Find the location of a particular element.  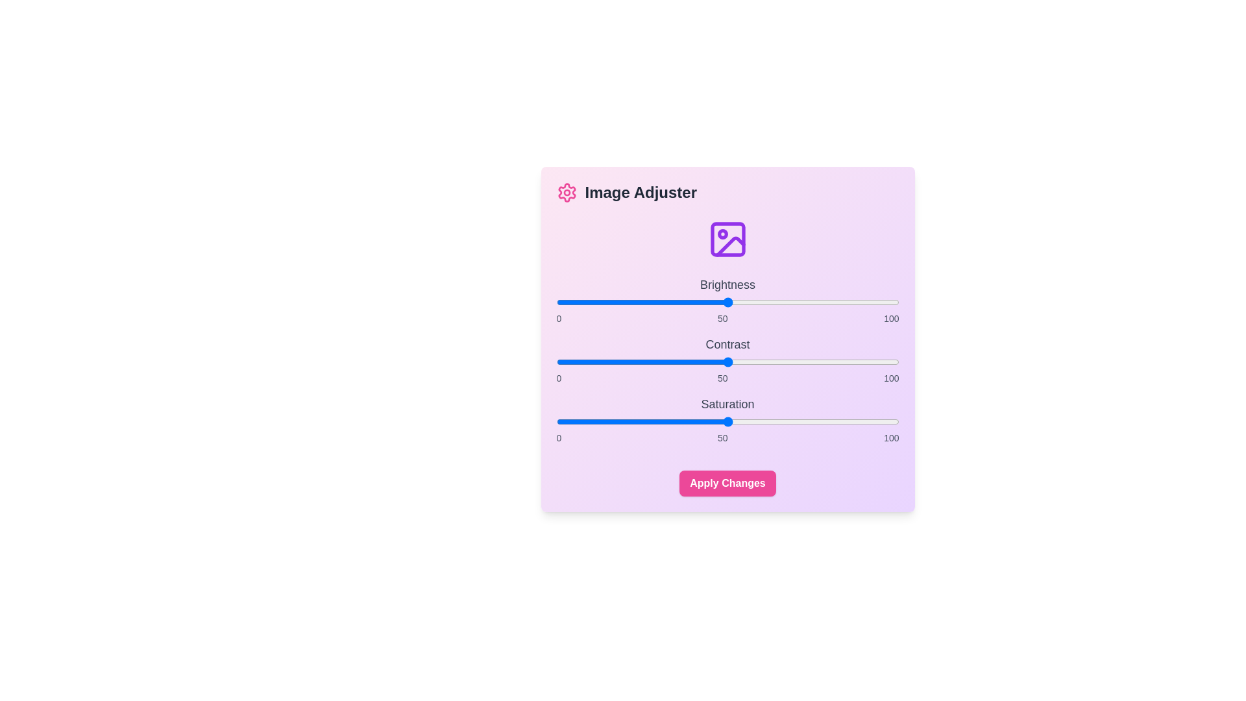

the contrast slider to 60 percent is located at coordinates (762, 362).